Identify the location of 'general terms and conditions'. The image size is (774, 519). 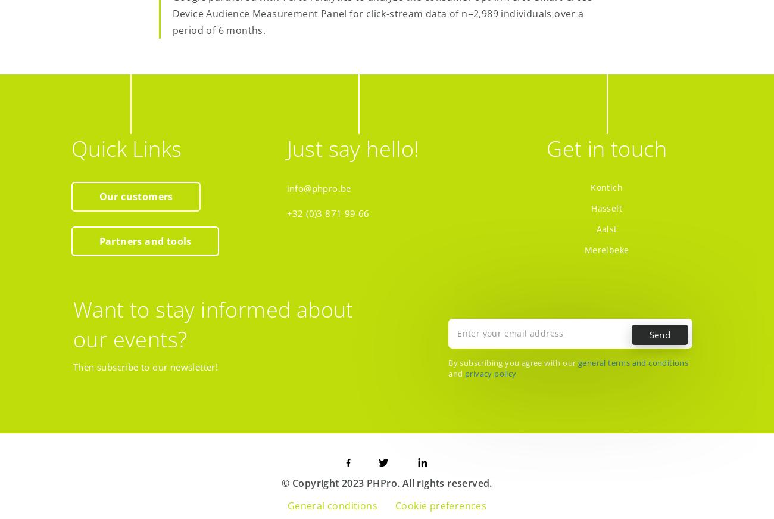
(578, 361).